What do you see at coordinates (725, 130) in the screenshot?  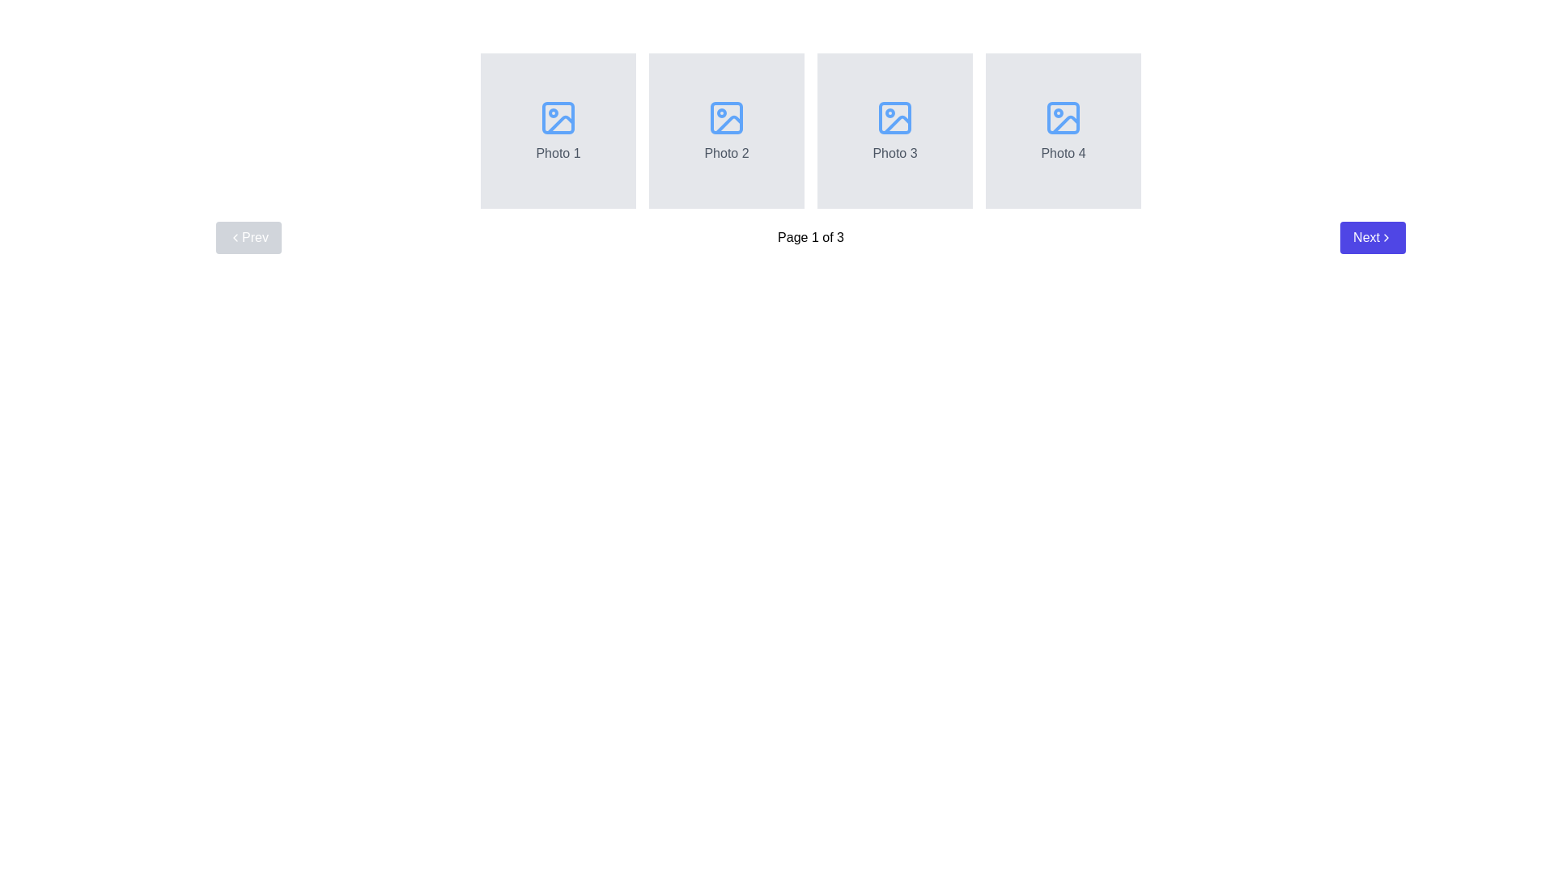 I see `the Gallery item with a light gray background and a blue image icon labeled 'Photo 2'` at bounding box center [725, 130].